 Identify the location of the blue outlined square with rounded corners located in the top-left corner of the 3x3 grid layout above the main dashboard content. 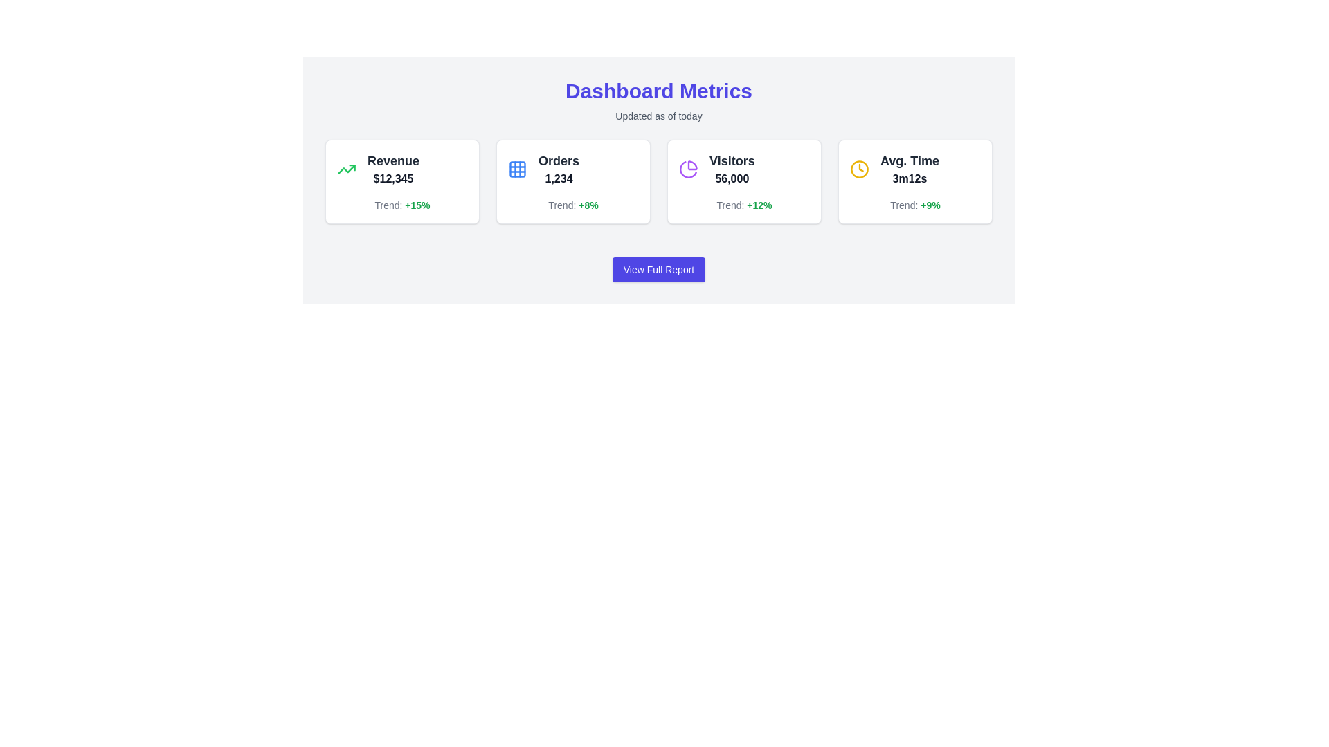
(517, 169).